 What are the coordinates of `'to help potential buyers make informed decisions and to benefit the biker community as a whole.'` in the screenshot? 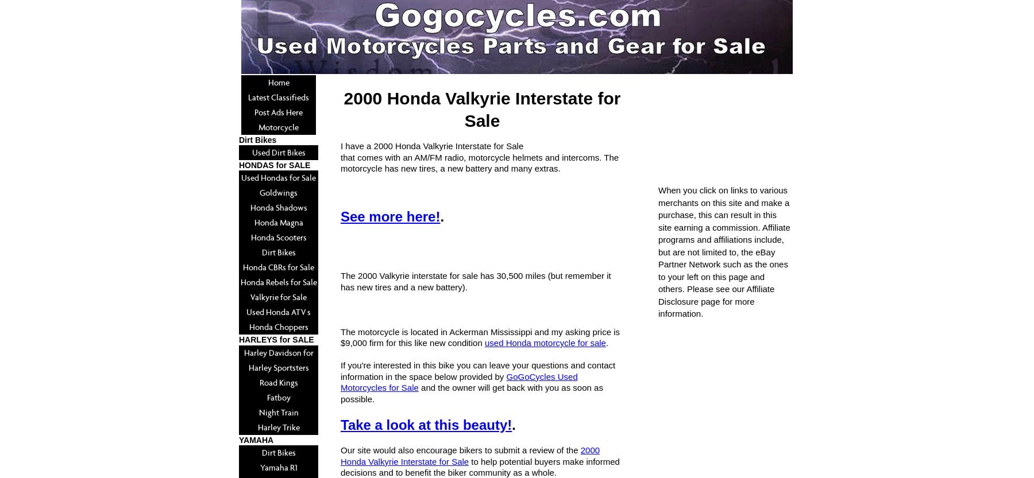 It's located at (480, 466).